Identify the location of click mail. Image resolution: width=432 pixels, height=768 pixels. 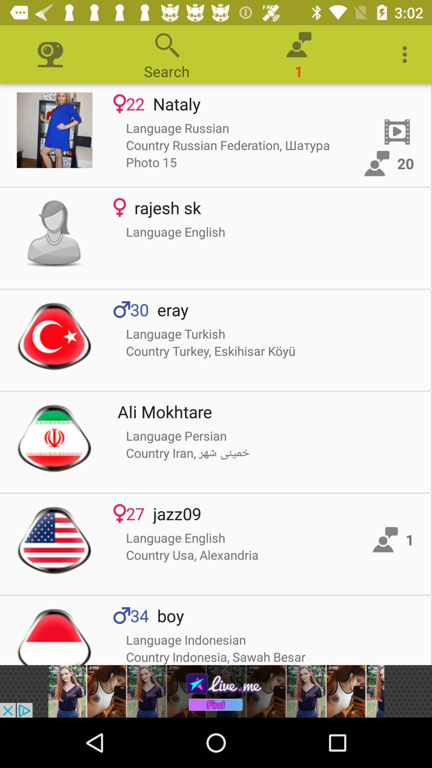
(54, 130).